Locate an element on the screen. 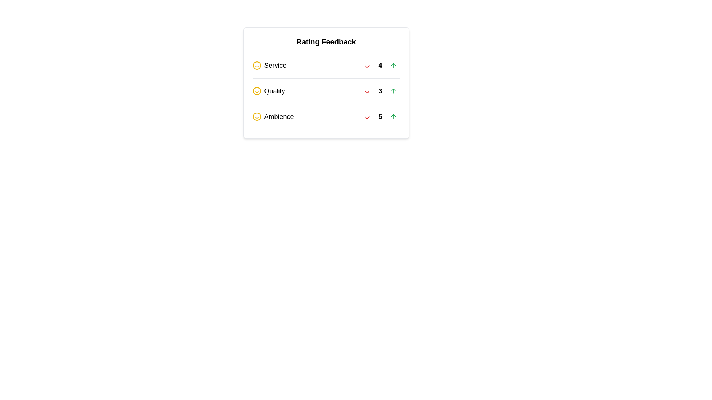 The width and height of the screenshot is (712, 400). the 'Service' category label with associated icon, which is the first item in the vertical list of feedback categories is located at coordinates (269, 65).